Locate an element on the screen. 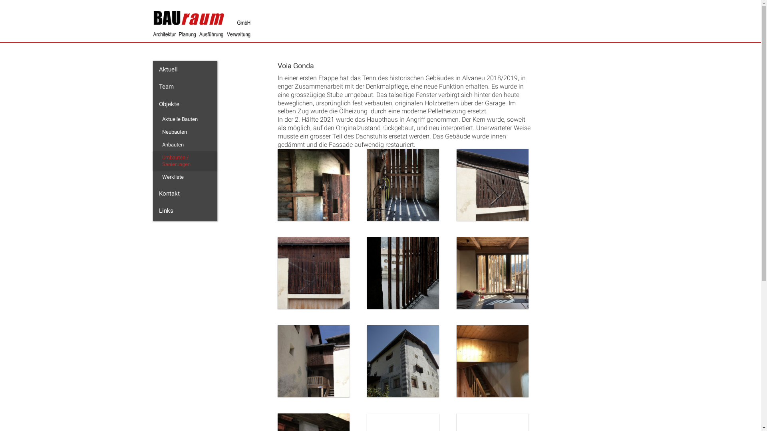 This screenshot has height=431, width=767. 'Neubauten' is located at coordinates (185, 132).